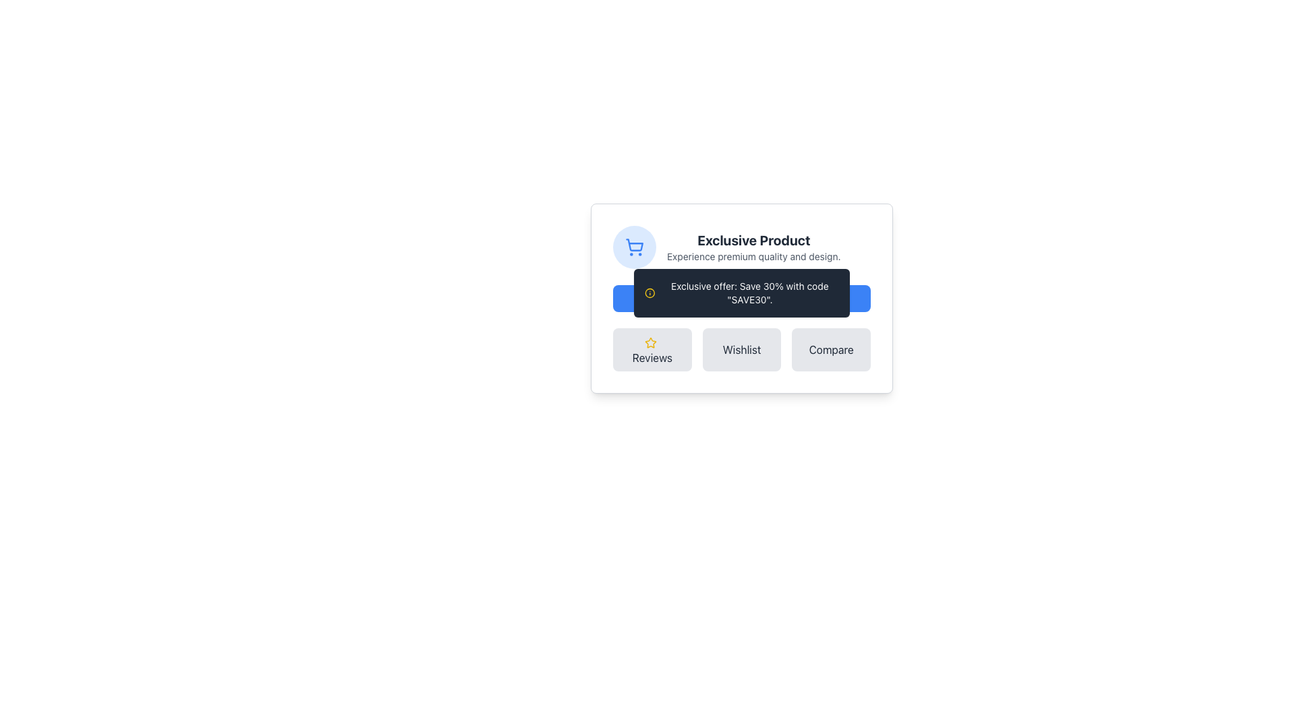  Describe the element at coordinates (650, 293) in the screenshot. I see `the visual indicator icon located to the left of the text 'Exclusive offer: Save 30% with code "SAVE30"'` at that location.